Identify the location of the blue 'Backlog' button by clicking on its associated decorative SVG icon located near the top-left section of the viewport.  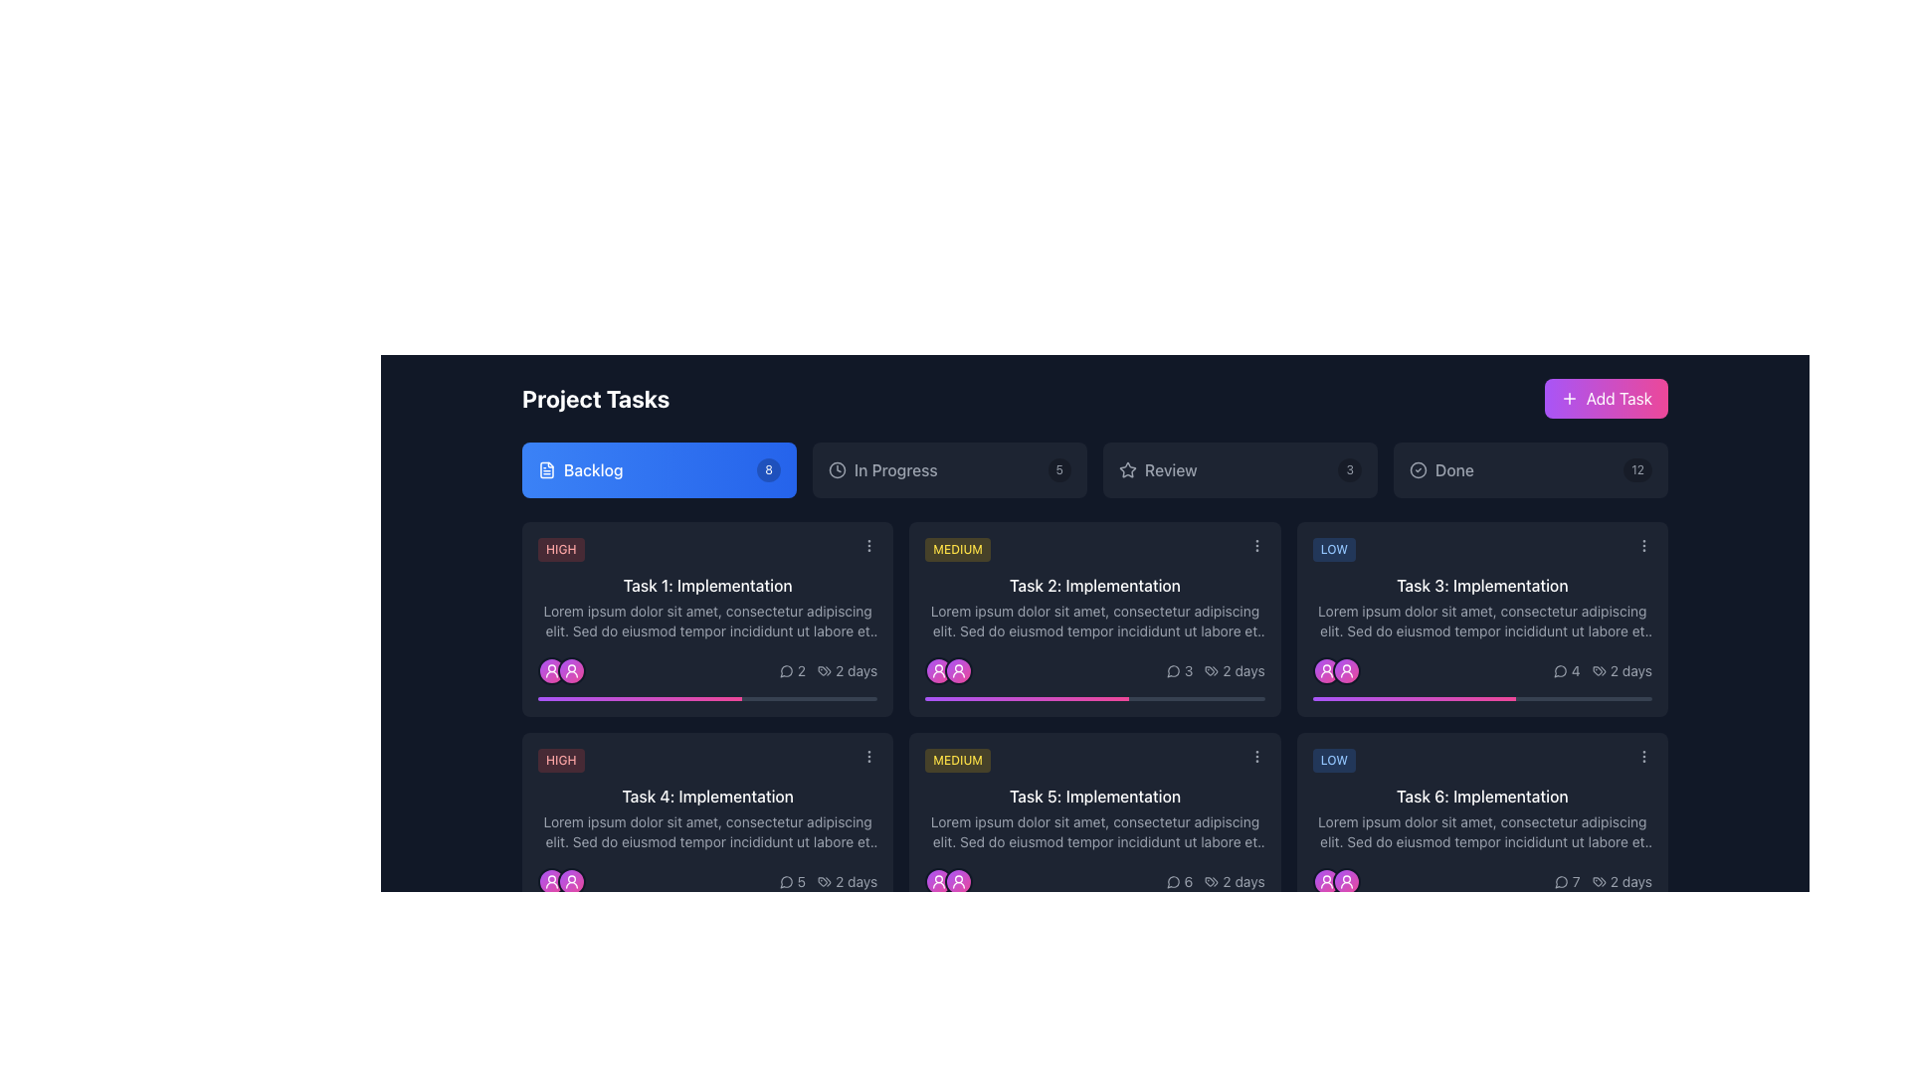
(547, 470).